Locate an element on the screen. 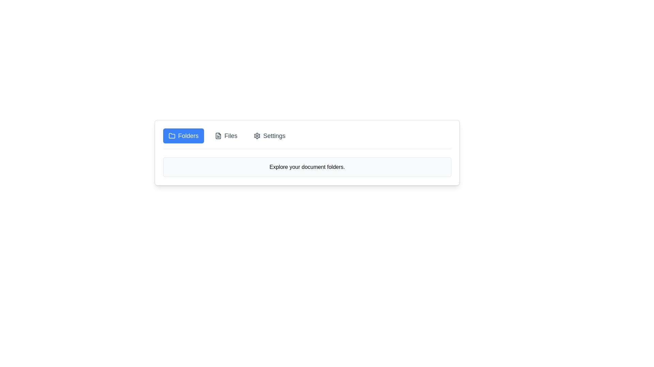 The width and height of the screenshot is (654, 367). the tab icon for Files is located at coordinates (218, 136).